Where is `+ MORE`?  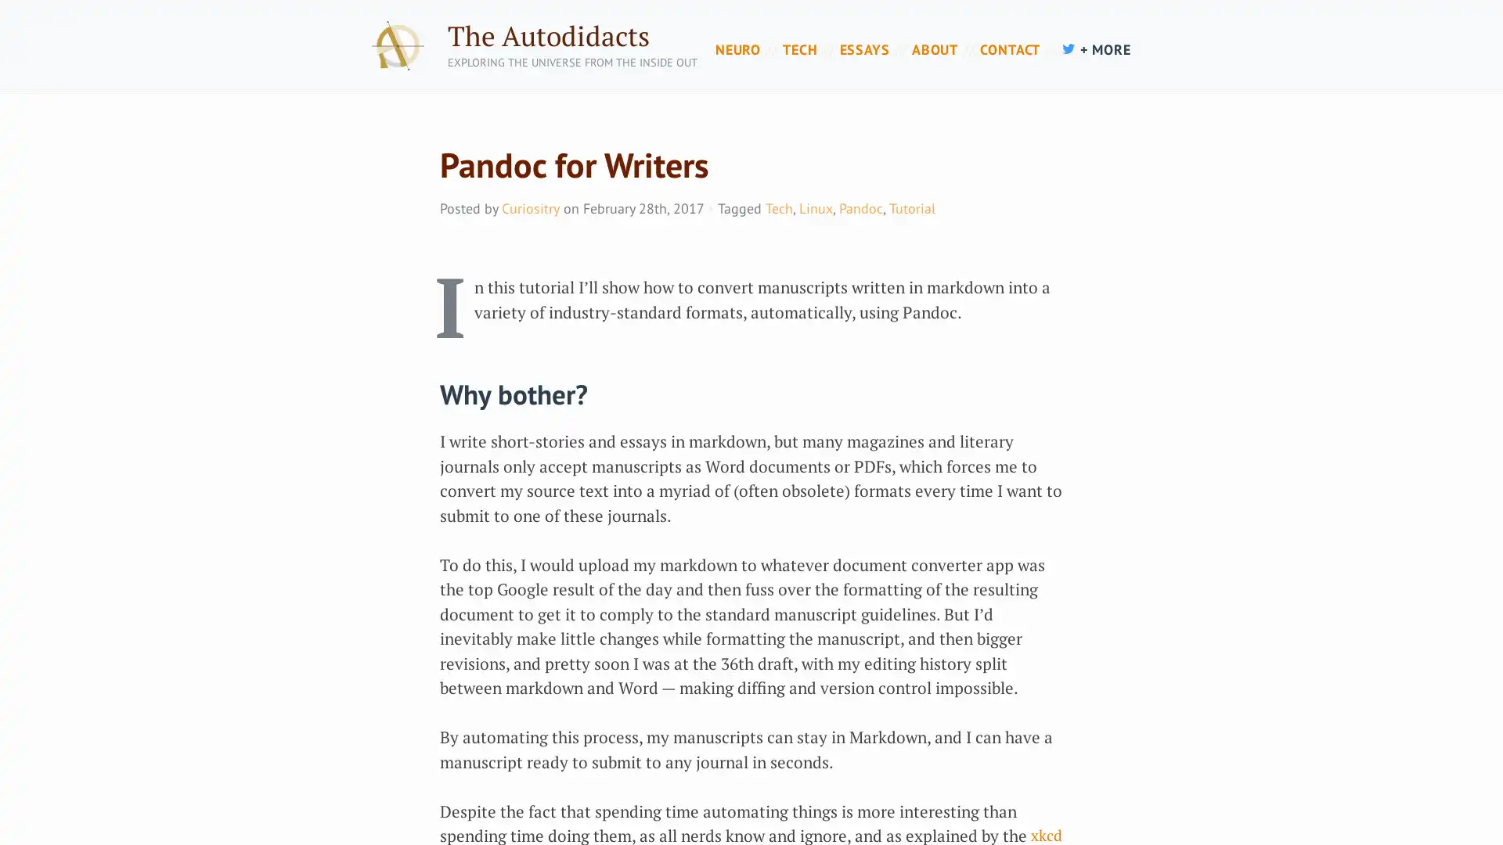
+ MORE is located at coordinates (1103, 48).